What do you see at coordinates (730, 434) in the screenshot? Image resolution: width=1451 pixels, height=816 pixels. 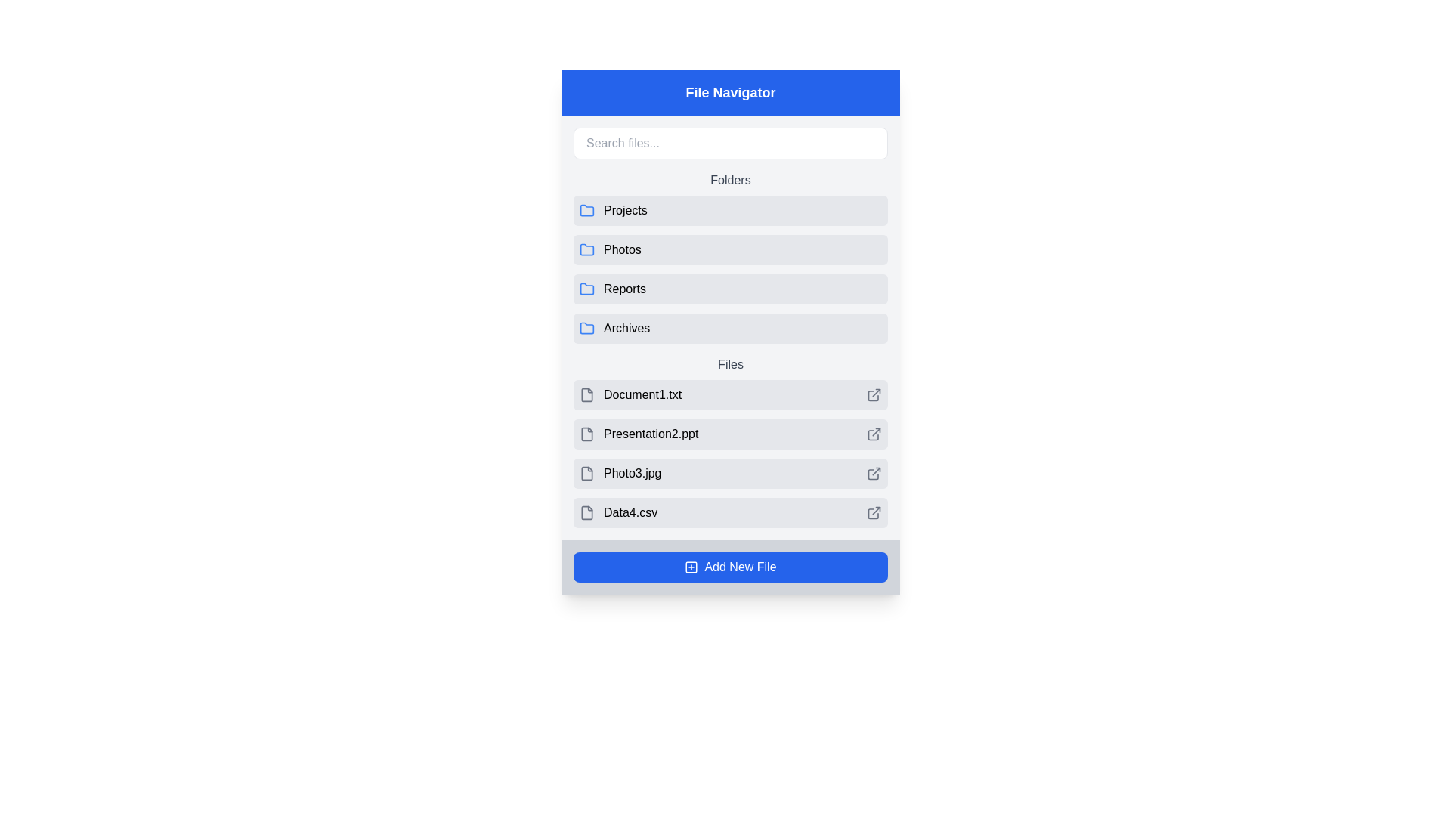 I see `the file list entry for 'Presentation2.ppt', which is the second item in the file list below 'Document1.txt' and above 'Photo3.jpg'` at bounding box center [730, 434].